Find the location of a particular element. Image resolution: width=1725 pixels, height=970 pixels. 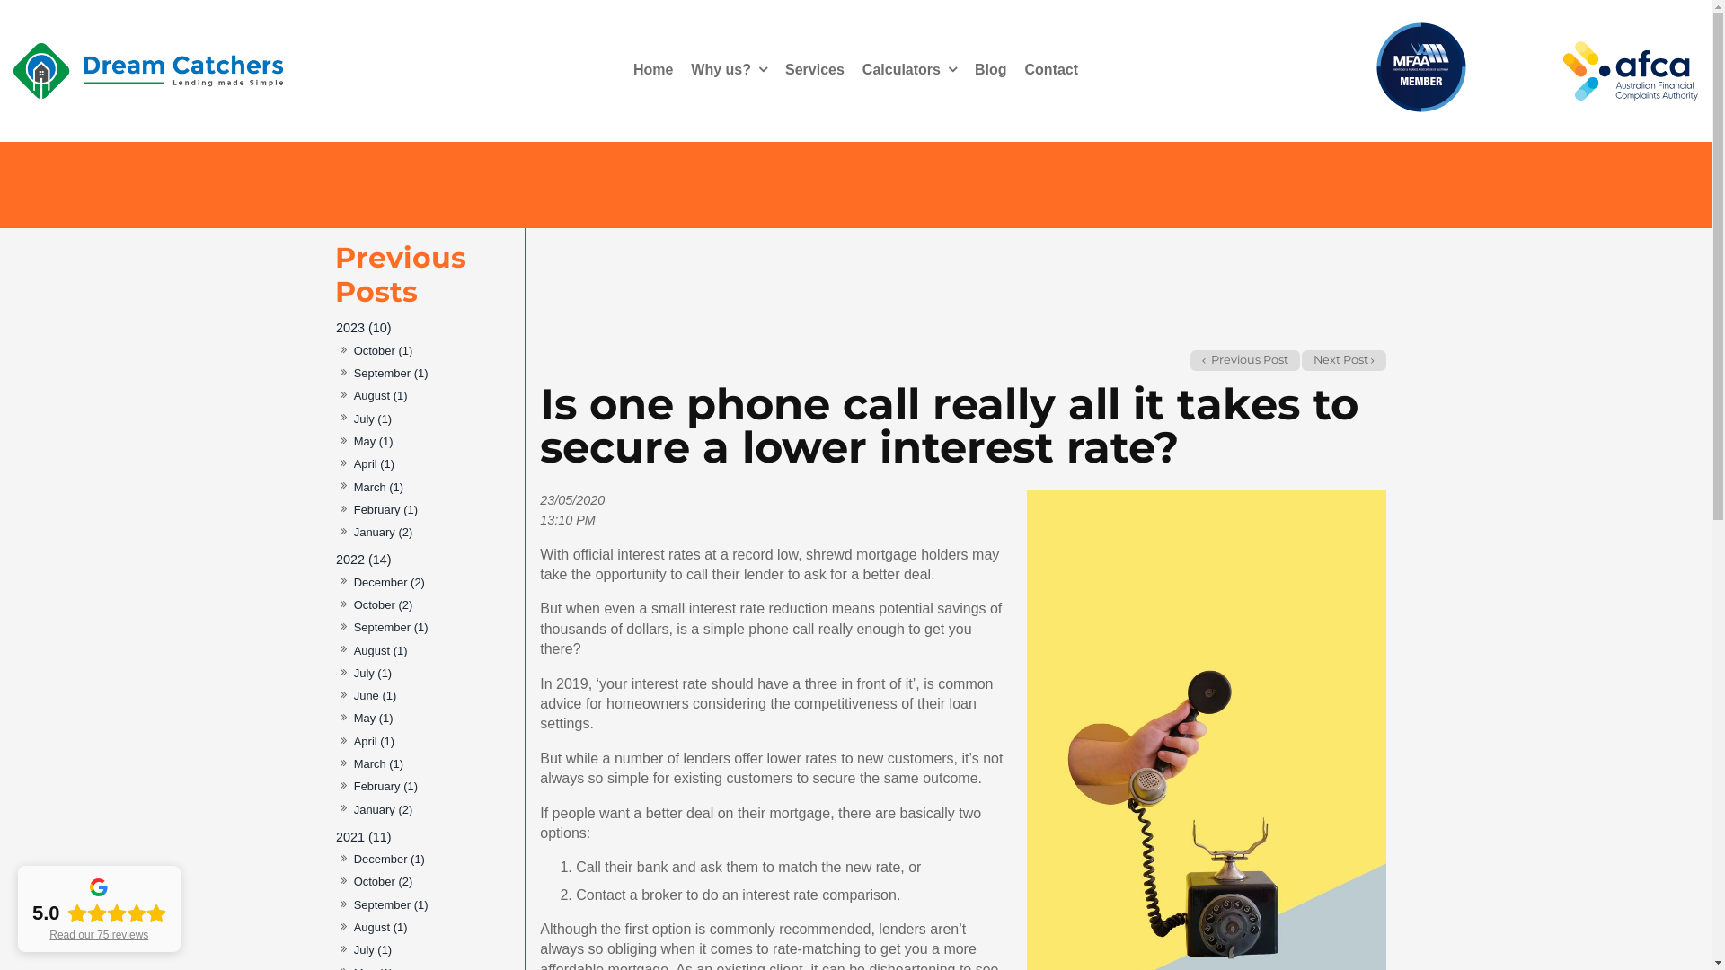

'May (1)' is located at coordinates (371, 442).